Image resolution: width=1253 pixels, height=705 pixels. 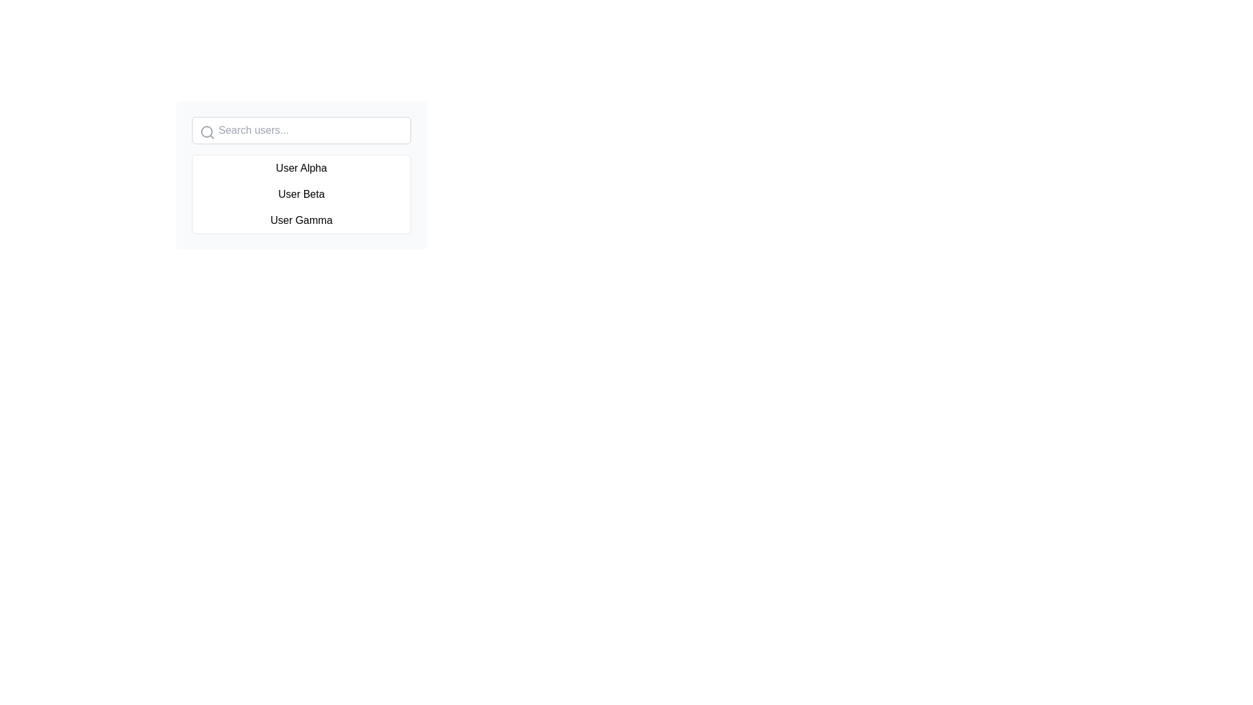 I want to click on the selectable list item labeled 'User Beta', which is the second item in the user options list, to indicate interactivity, so click(x=300, y=194).